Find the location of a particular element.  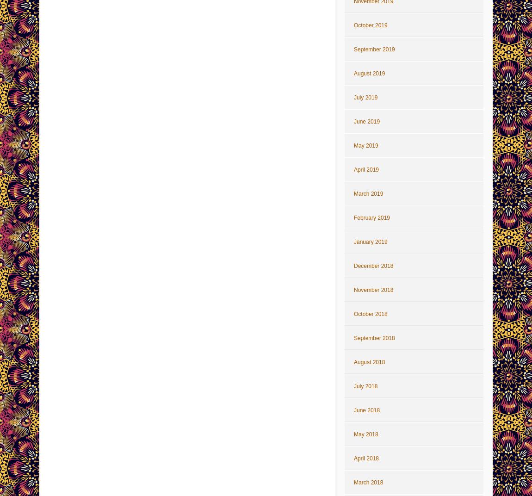

'February 2019' is located at coordinates (371, 218).